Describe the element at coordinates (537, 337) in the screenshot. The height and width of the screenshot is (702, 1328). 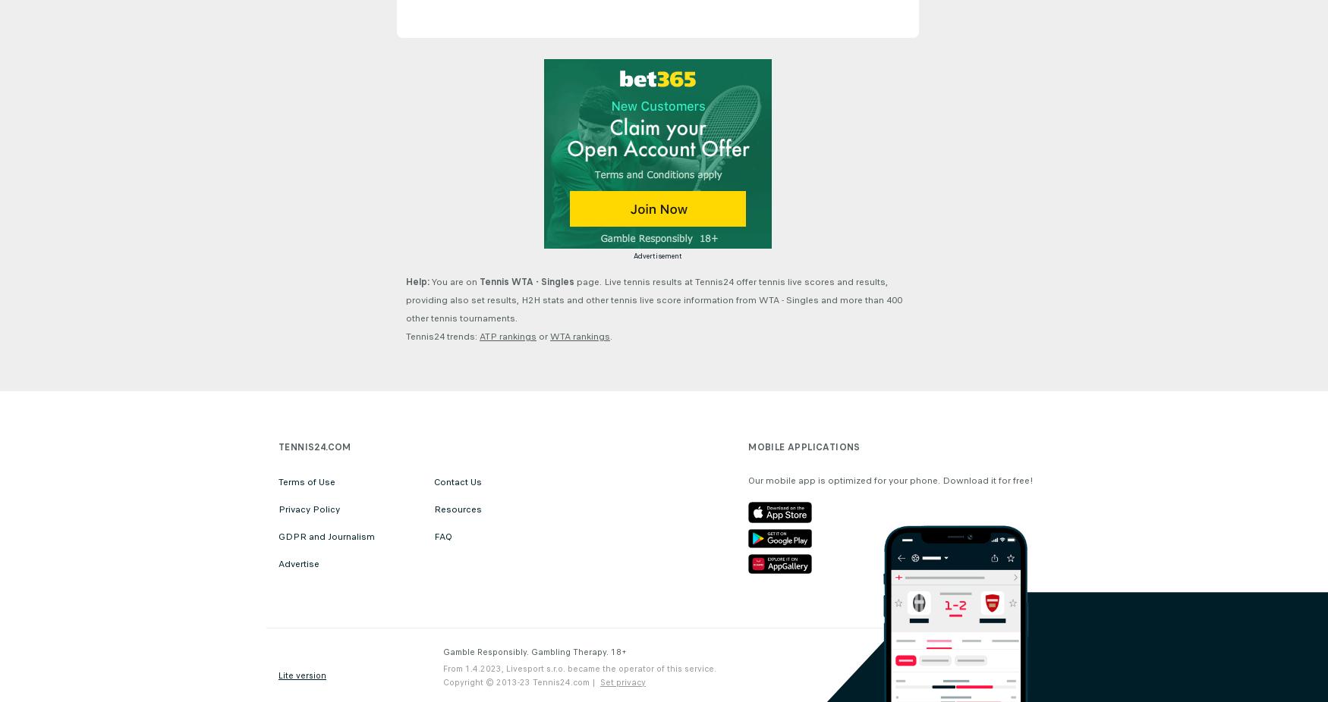
I see `'or'` at that location.